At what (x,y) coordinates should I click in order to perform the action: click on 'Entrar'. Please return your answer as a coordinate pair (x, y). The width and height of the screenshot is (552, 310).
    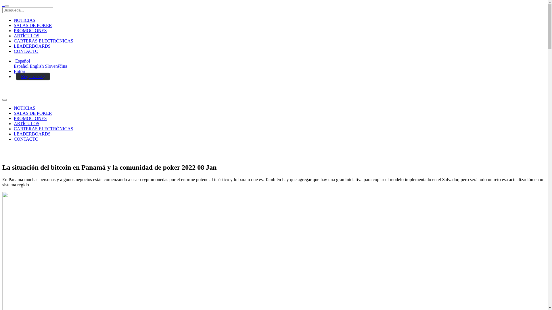
    Looking at the image, I should click on (19, 71).